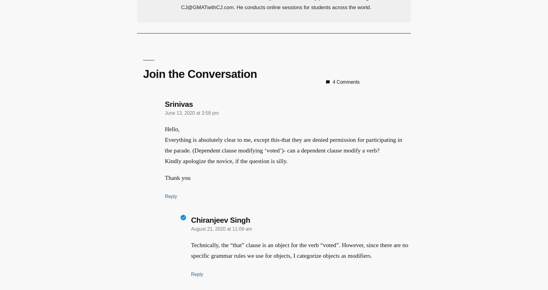 The image size is (548, 290). Describe the element at coordinates (299, 250) in the screenshot. I see `'Technically, the “that” clause is an object for the verb “voted”. However, since there are no specific grammar rules we use for objects, I categorize objects as modifiers.'` at that location.